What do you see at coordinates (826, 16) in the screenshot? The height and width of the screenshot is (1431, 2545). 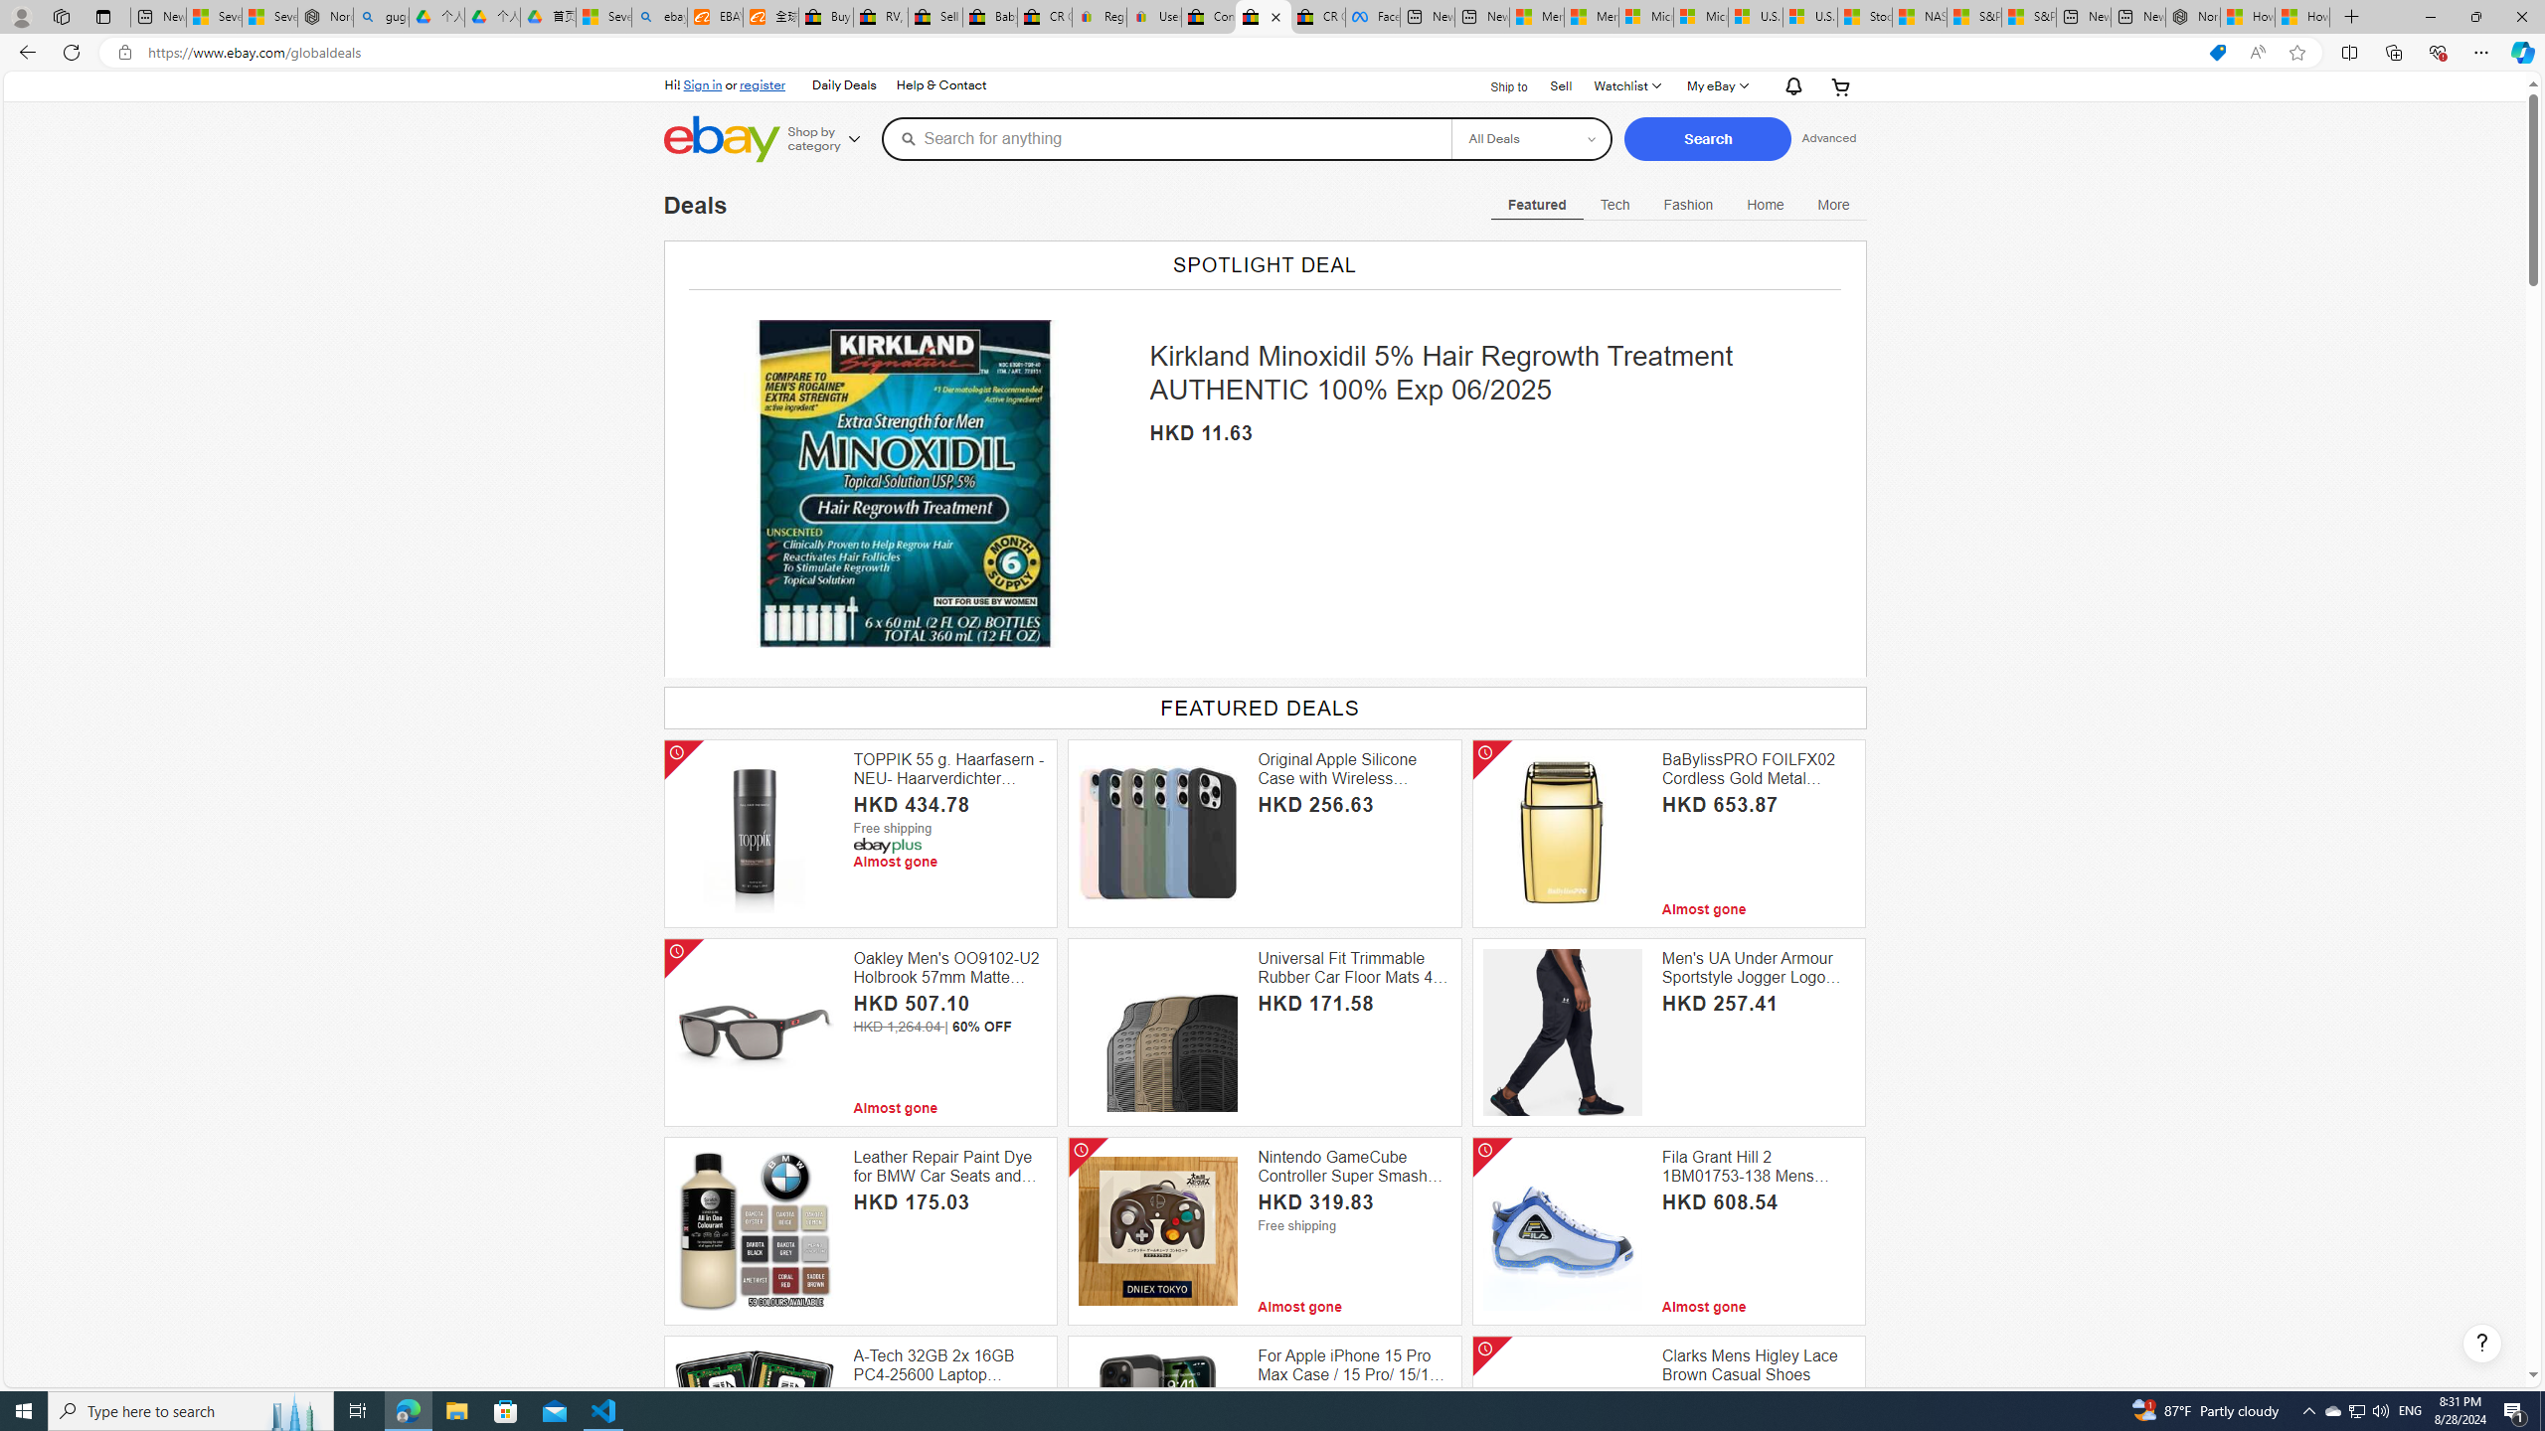 I see `'Buy Auto Parts & Accessories | eBay'` at bounding box center [826, 16].